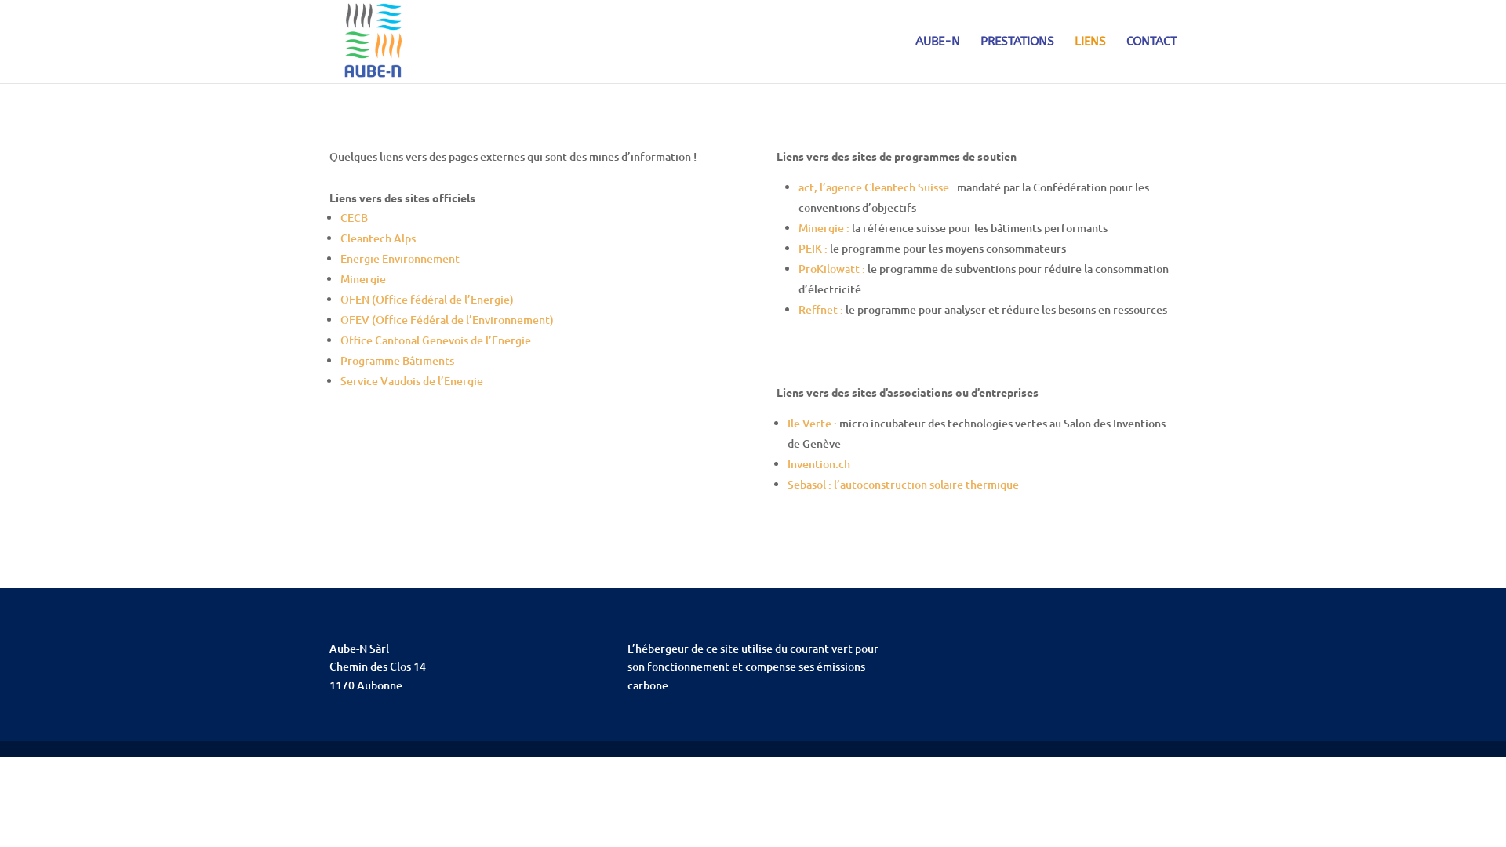  Describe the element at coordinates (399, 257) in the screenshot. I see `'Energie Environnement'` at that location.